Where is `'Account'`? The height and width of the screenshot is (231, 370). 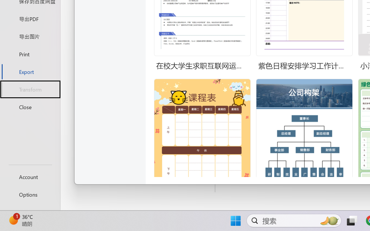
'Account' is located at coordinates (30, 177).